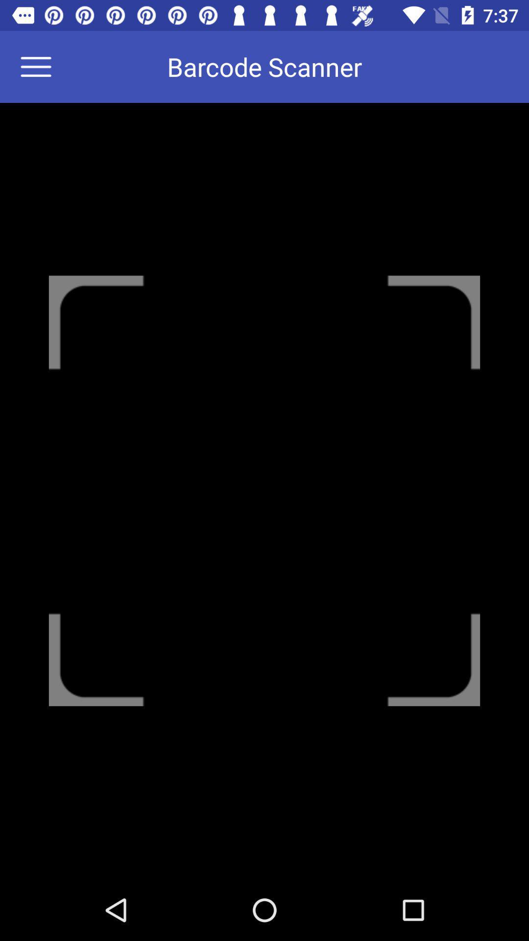 This screenshot has width=529, height=941. What do you see at coordinates (42, 66) in the screenshot?
I see `item to the left of barcode scanner icon` at bounding box center [42, 66].